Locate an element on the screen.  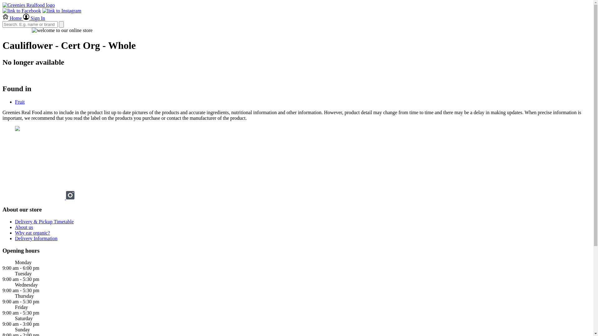
'Search' is located at coordinates (61, 24).